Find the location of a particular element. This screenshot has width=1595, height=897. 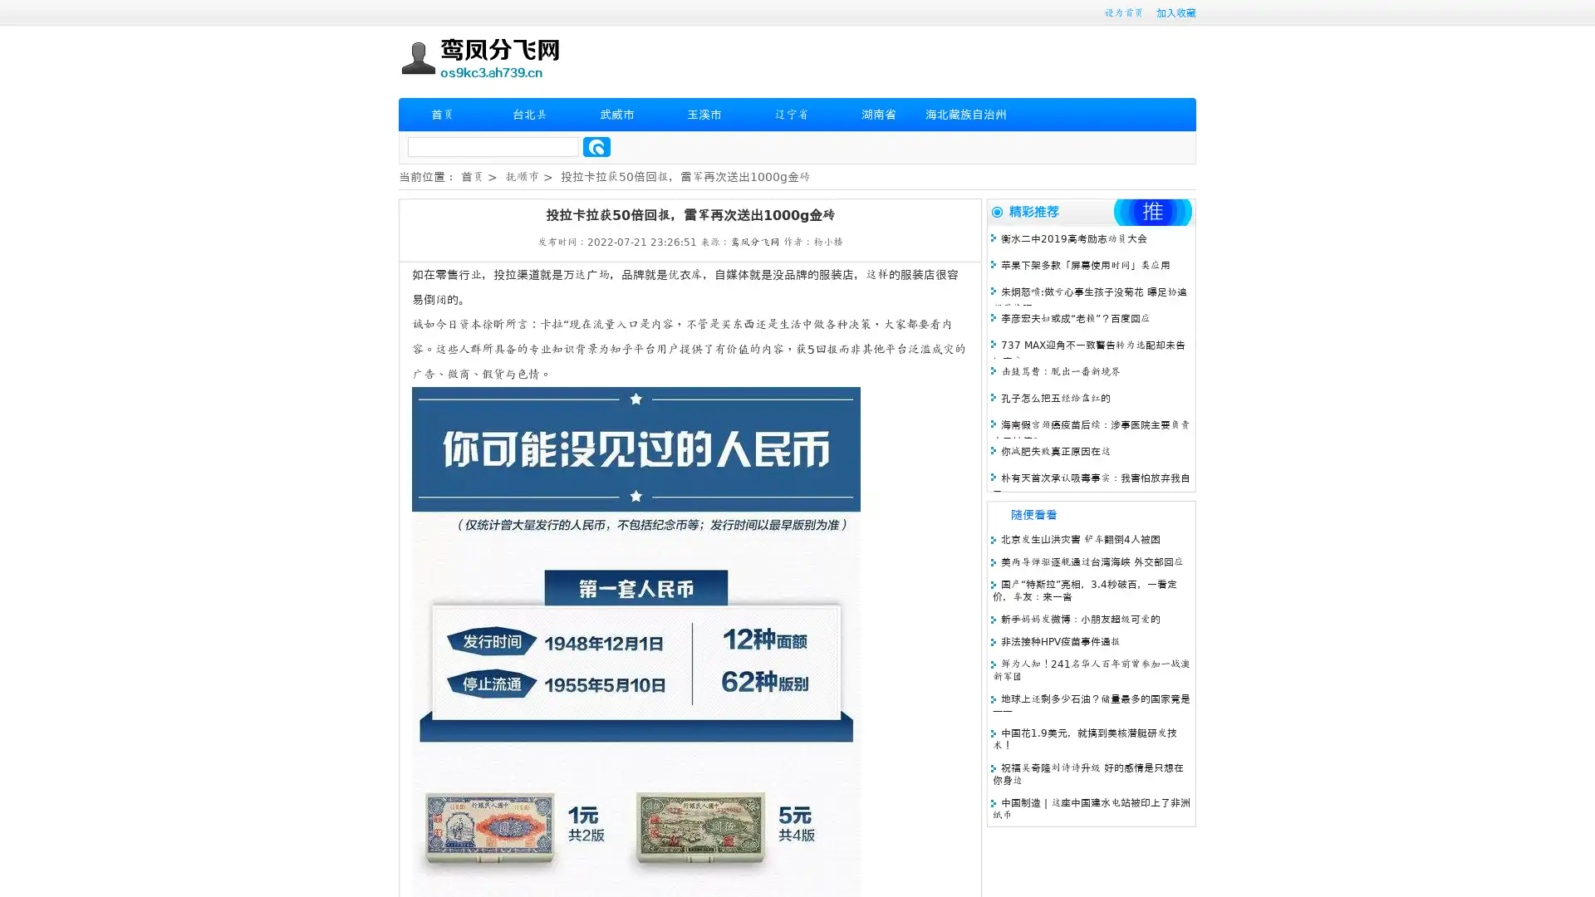

Search is located at coordinates (596, 146).